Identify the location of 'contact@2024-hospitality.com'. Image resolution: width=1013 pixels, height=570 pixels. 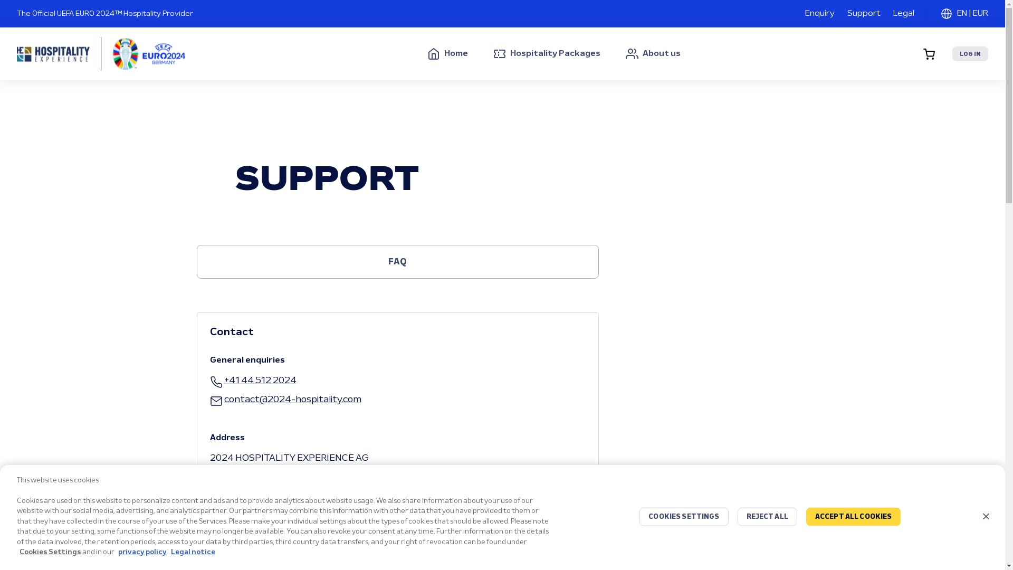
(285, 400).